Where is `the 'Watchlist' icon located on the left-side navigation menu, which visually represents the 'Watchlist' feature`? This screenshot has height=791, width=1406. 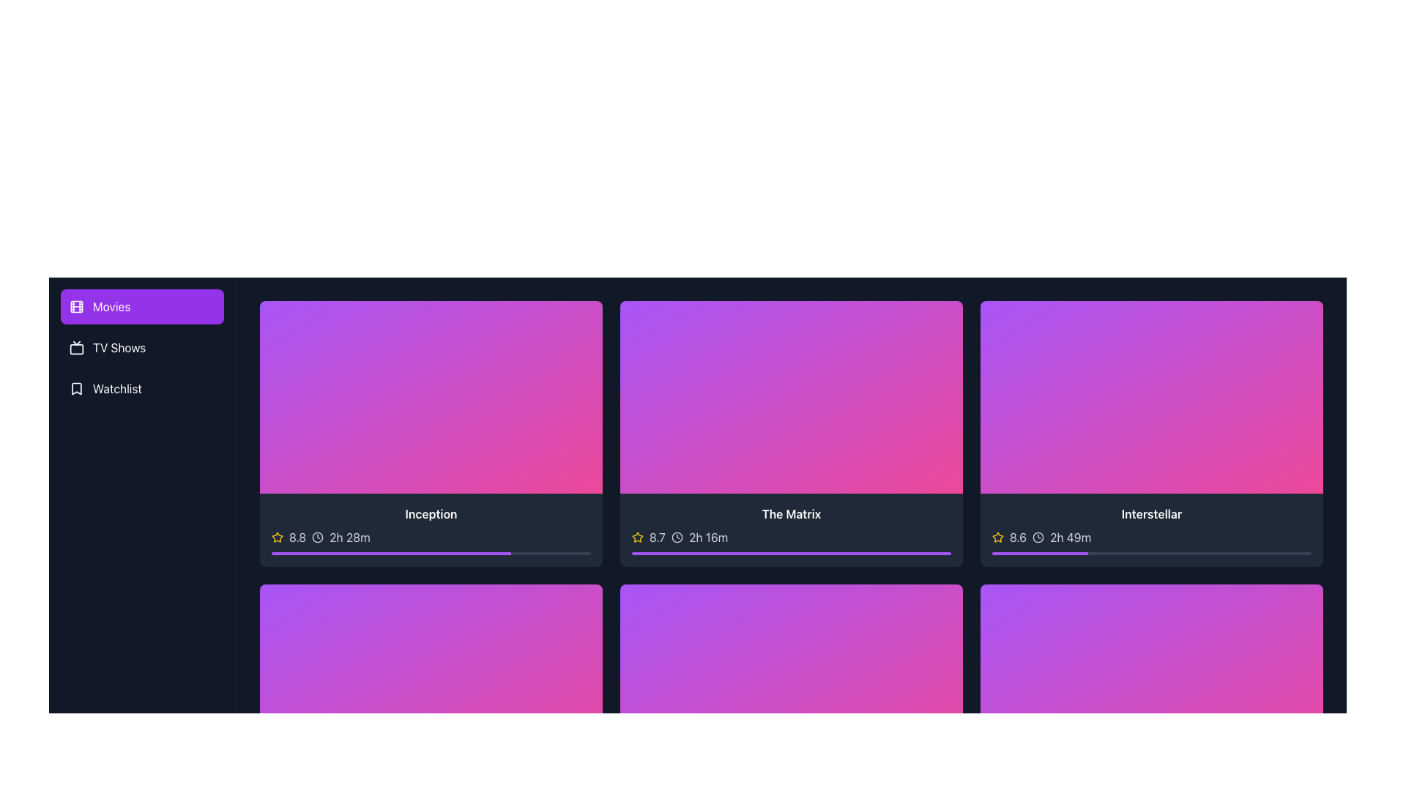 the 'Watchlist' icon located on the left-side navigation menu, which visually represents the 'Watchlist' feature is located at coordinates (76, 388).